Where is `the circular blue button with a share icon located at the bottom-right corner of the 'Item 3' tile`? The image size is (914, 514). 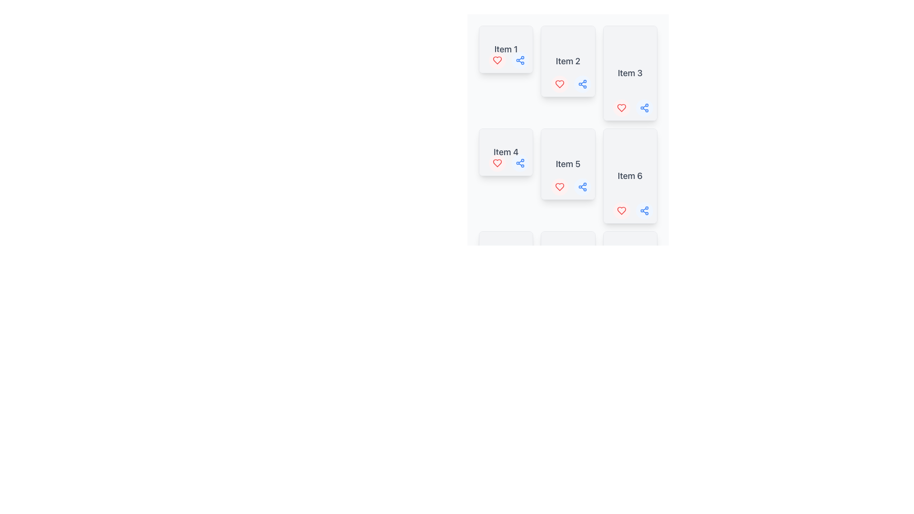 the circular blue button with a share icon located at the bottom-right corner of the 'Item 3' tile is located at coordinates (644, 108).